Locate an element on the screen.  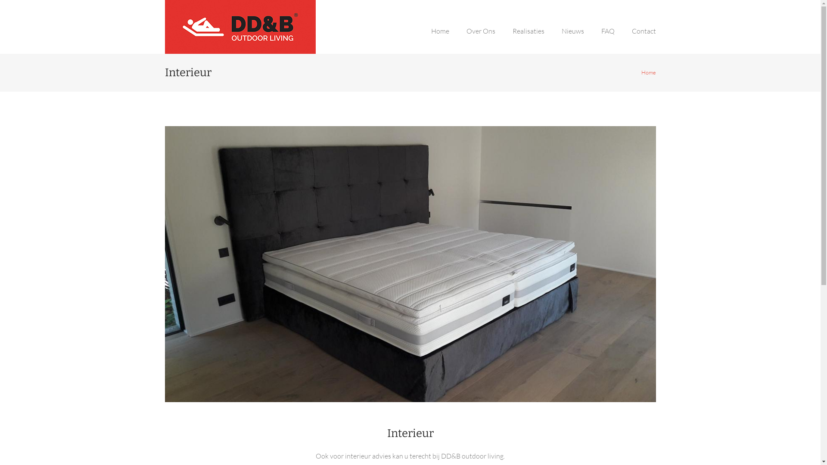
'Nieuws' is located at coordinates (553, 40).